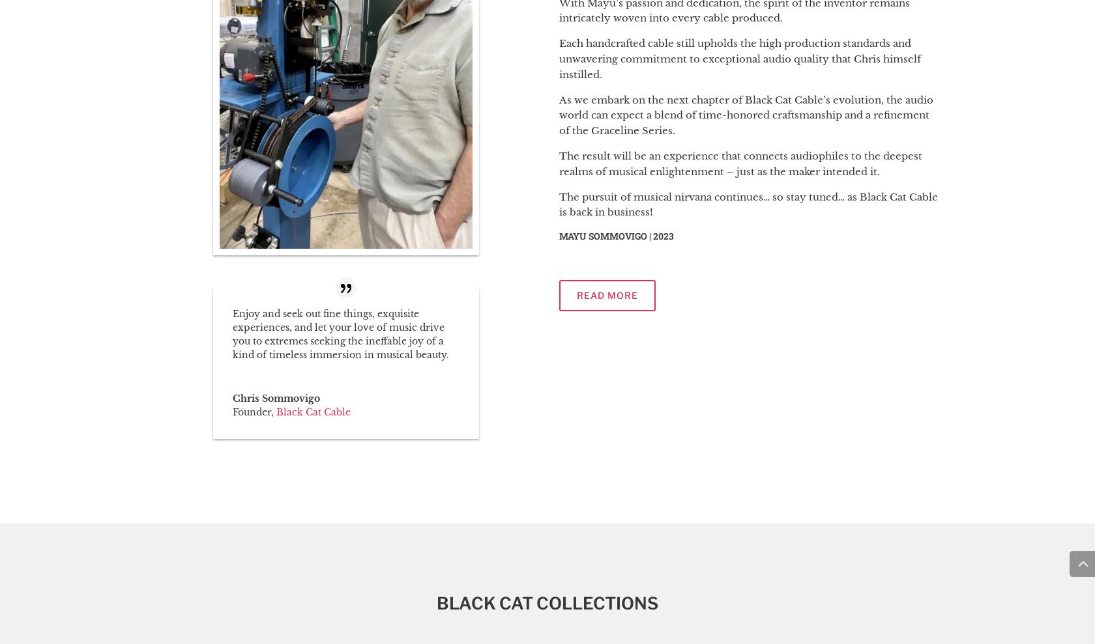 The height and width of the screenshot is (644, 1095). I want to click on 'Founder', so click(233, 412).